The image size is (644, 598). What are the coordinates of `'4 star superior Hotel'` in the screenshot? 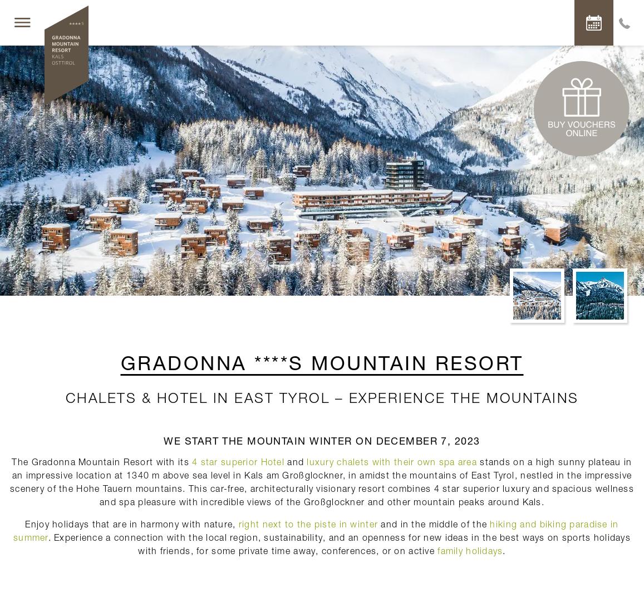 It's located at (237, 461).